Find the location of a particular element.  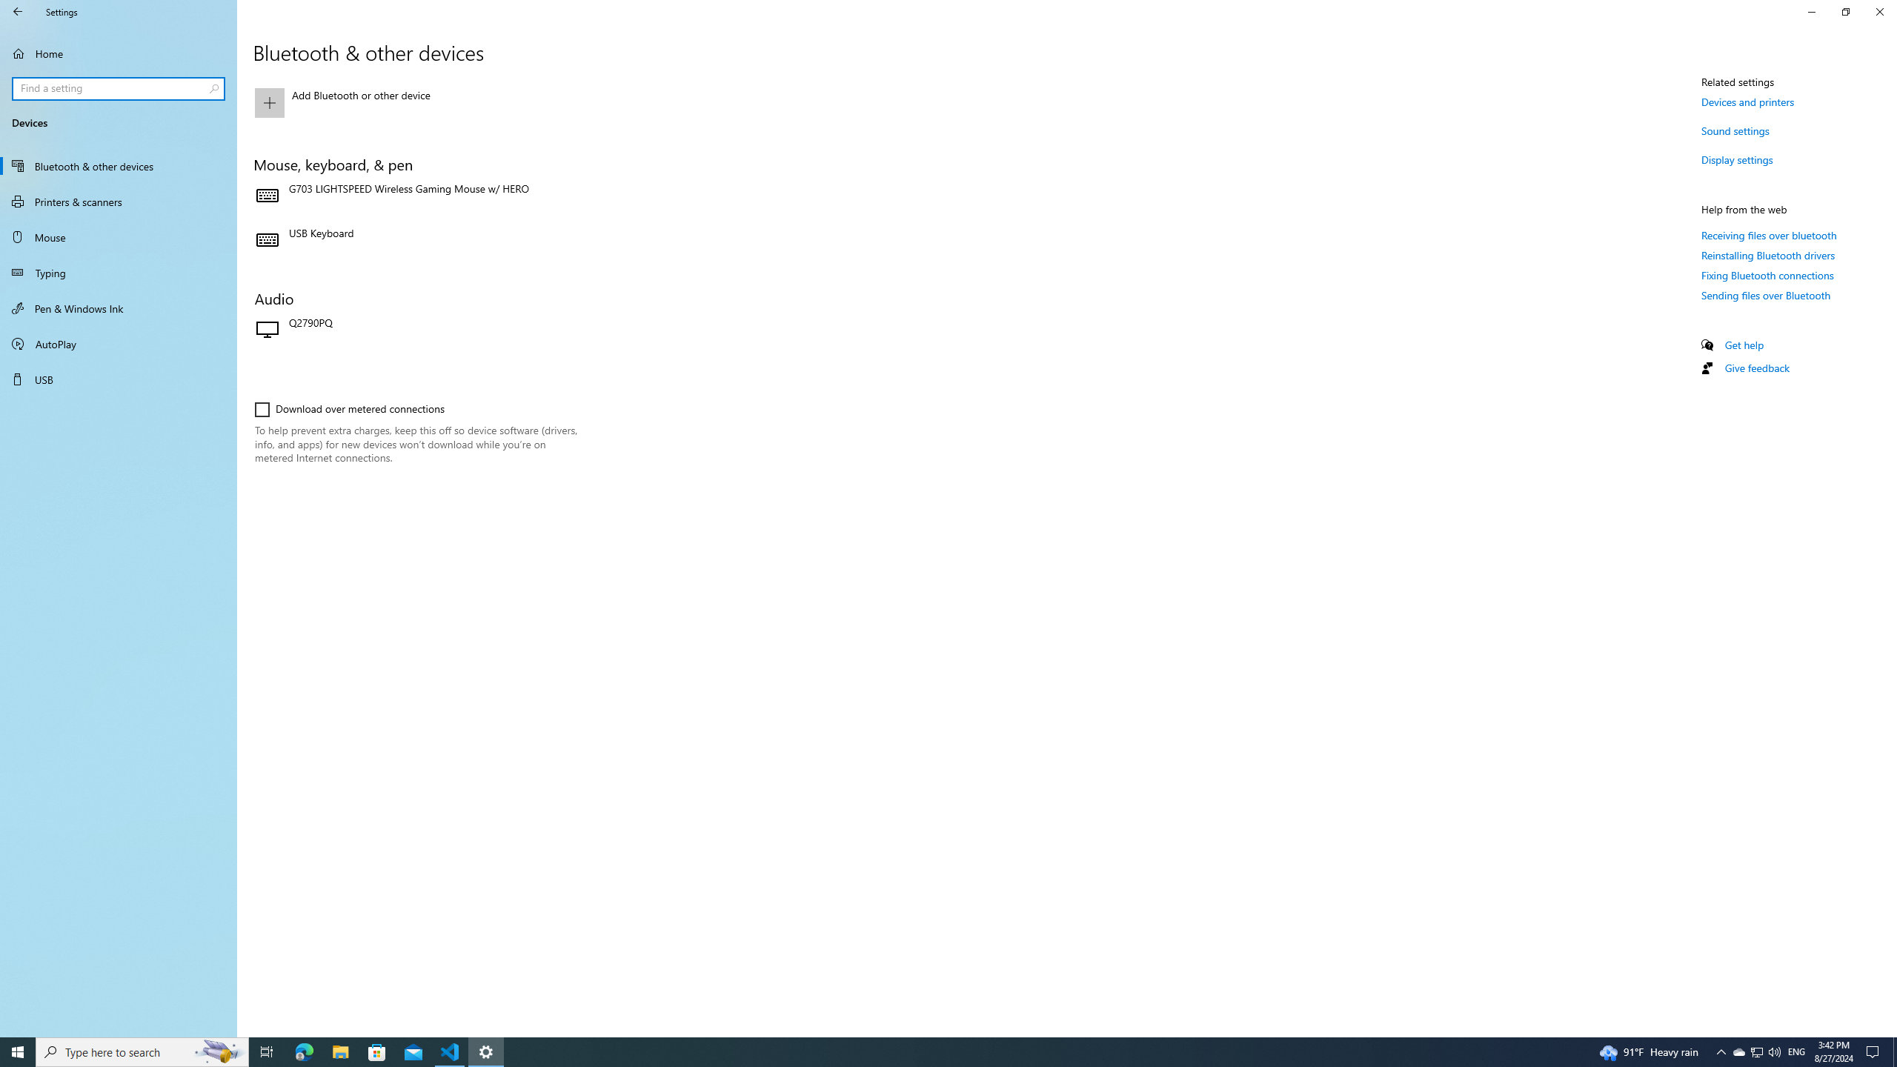

'Give feedback' is located at coordinates (1755, 367).